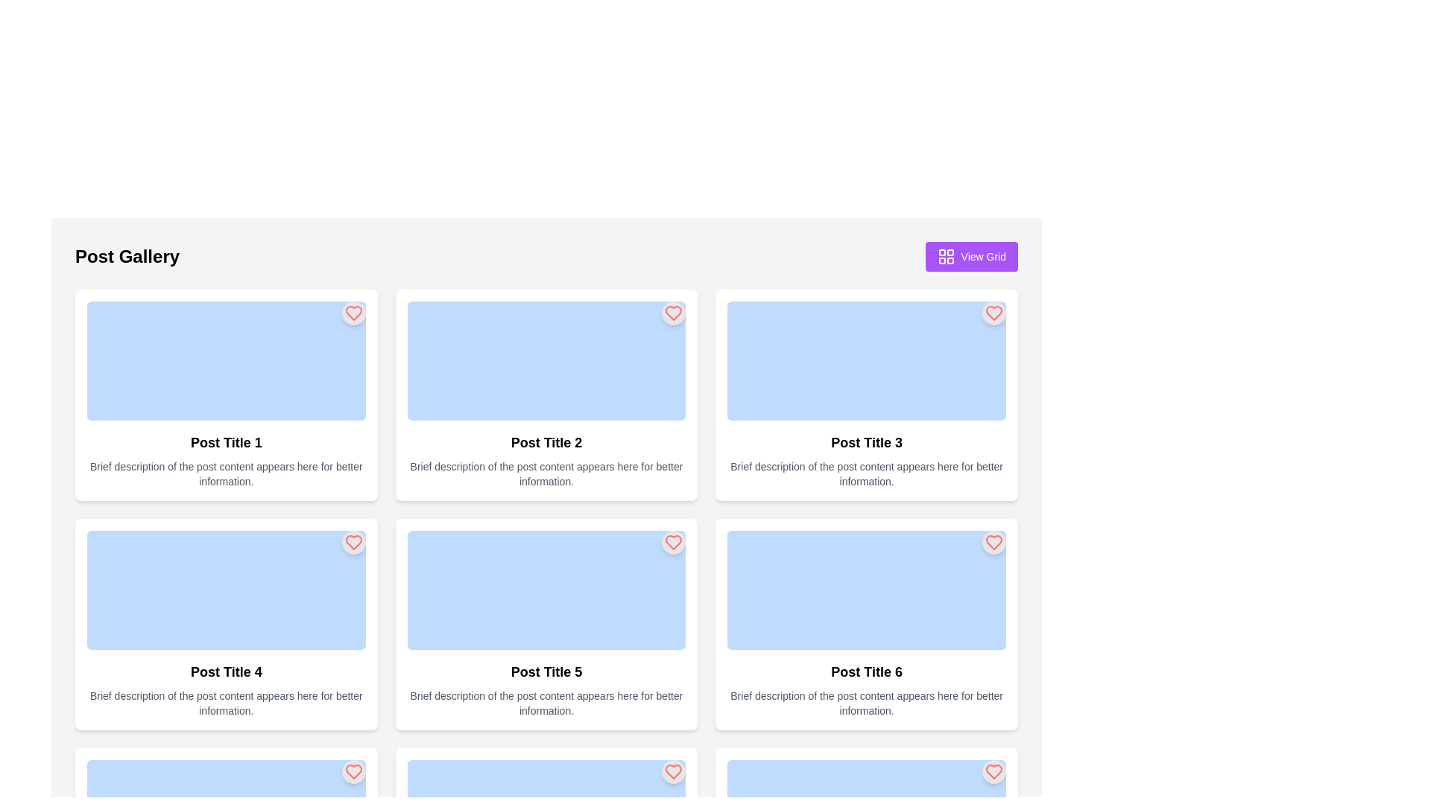 This screenshot has height=804, width=1431. I want to click on the heart-shaped icon button outlined in red, located in the top-right corner of the card titled 'Post Title 2', so click(672, 312).